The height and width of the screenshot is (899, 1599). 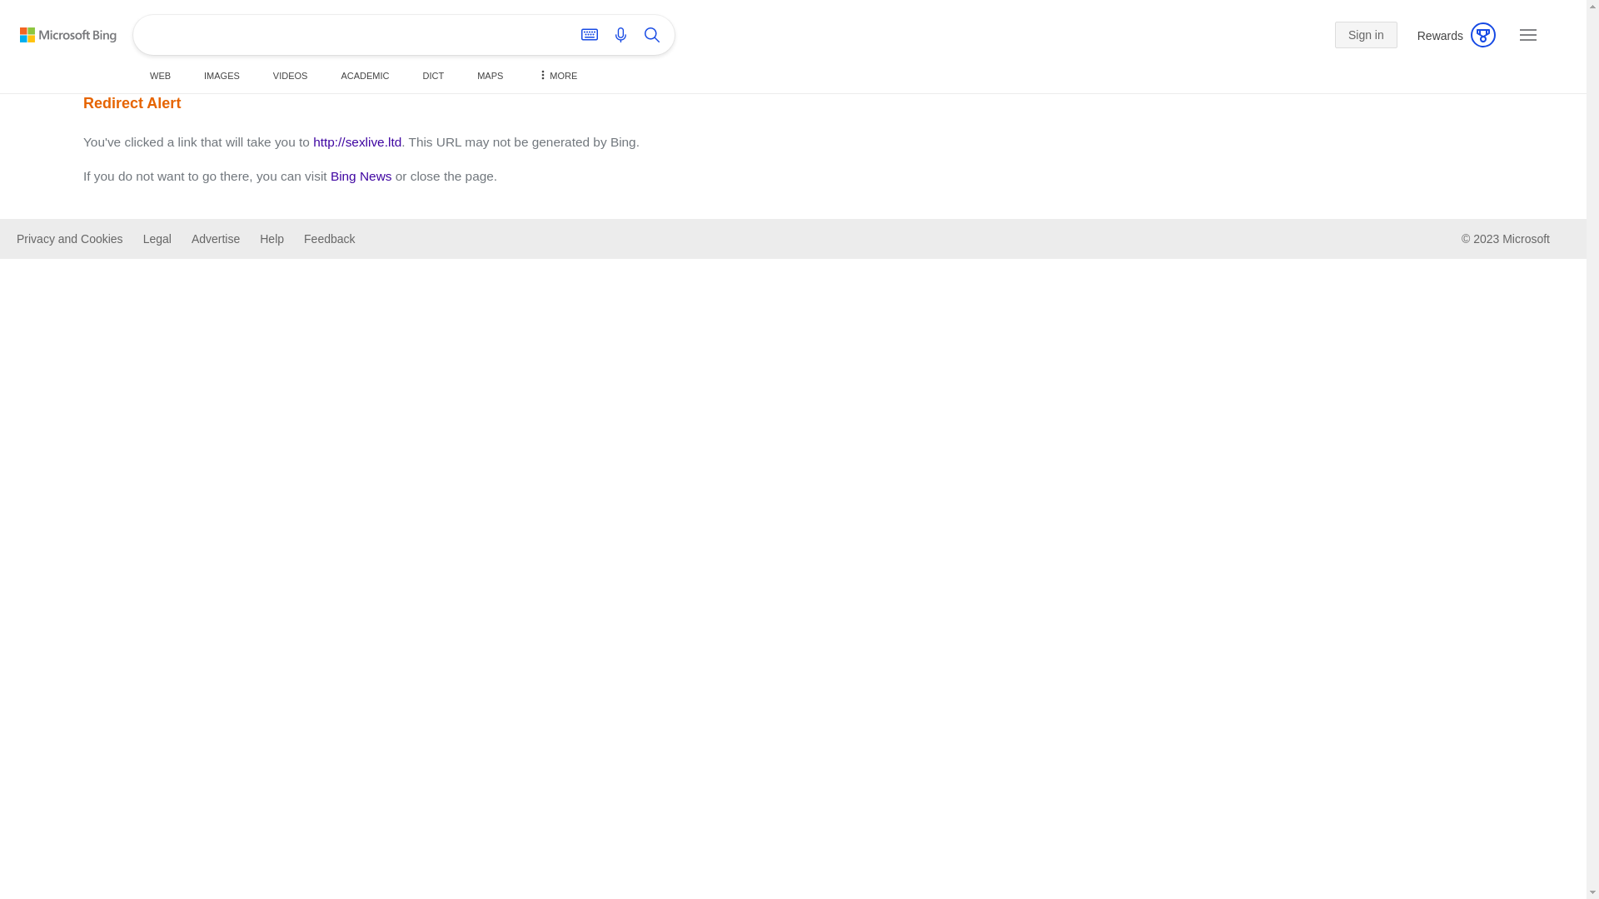 What do you see at coordinates (271, 238) in the screenshot?
I see `'Help'` at bounding box center [271, 238].